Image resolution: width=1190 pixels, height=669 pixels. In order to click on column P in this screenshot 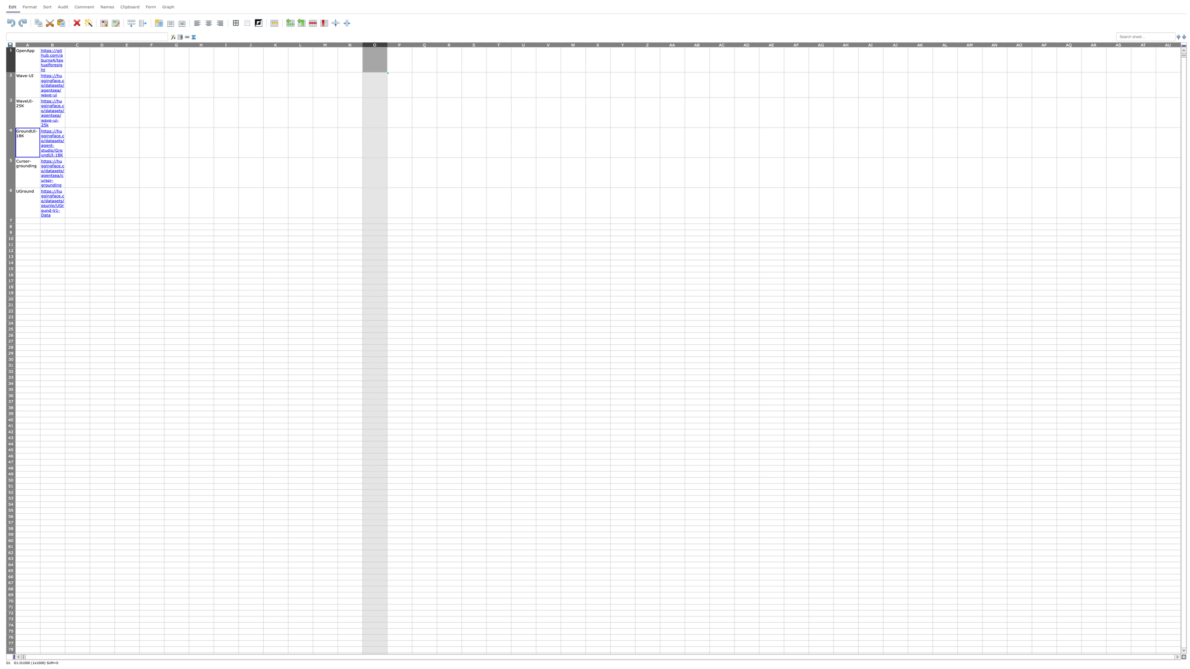, I will do `click(399, 44)`.